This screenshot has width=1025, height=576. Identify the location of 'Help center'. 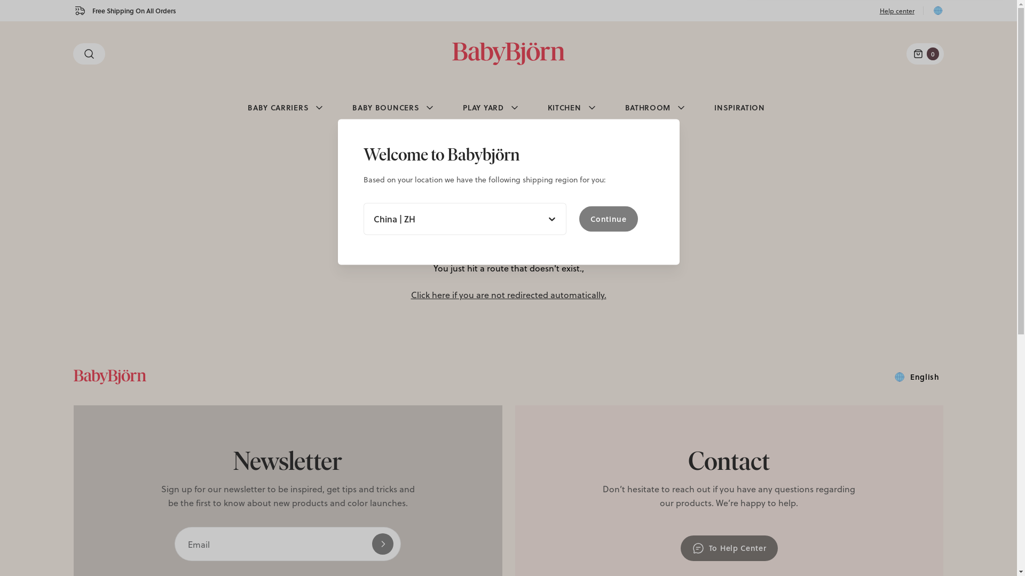
(897, 10).